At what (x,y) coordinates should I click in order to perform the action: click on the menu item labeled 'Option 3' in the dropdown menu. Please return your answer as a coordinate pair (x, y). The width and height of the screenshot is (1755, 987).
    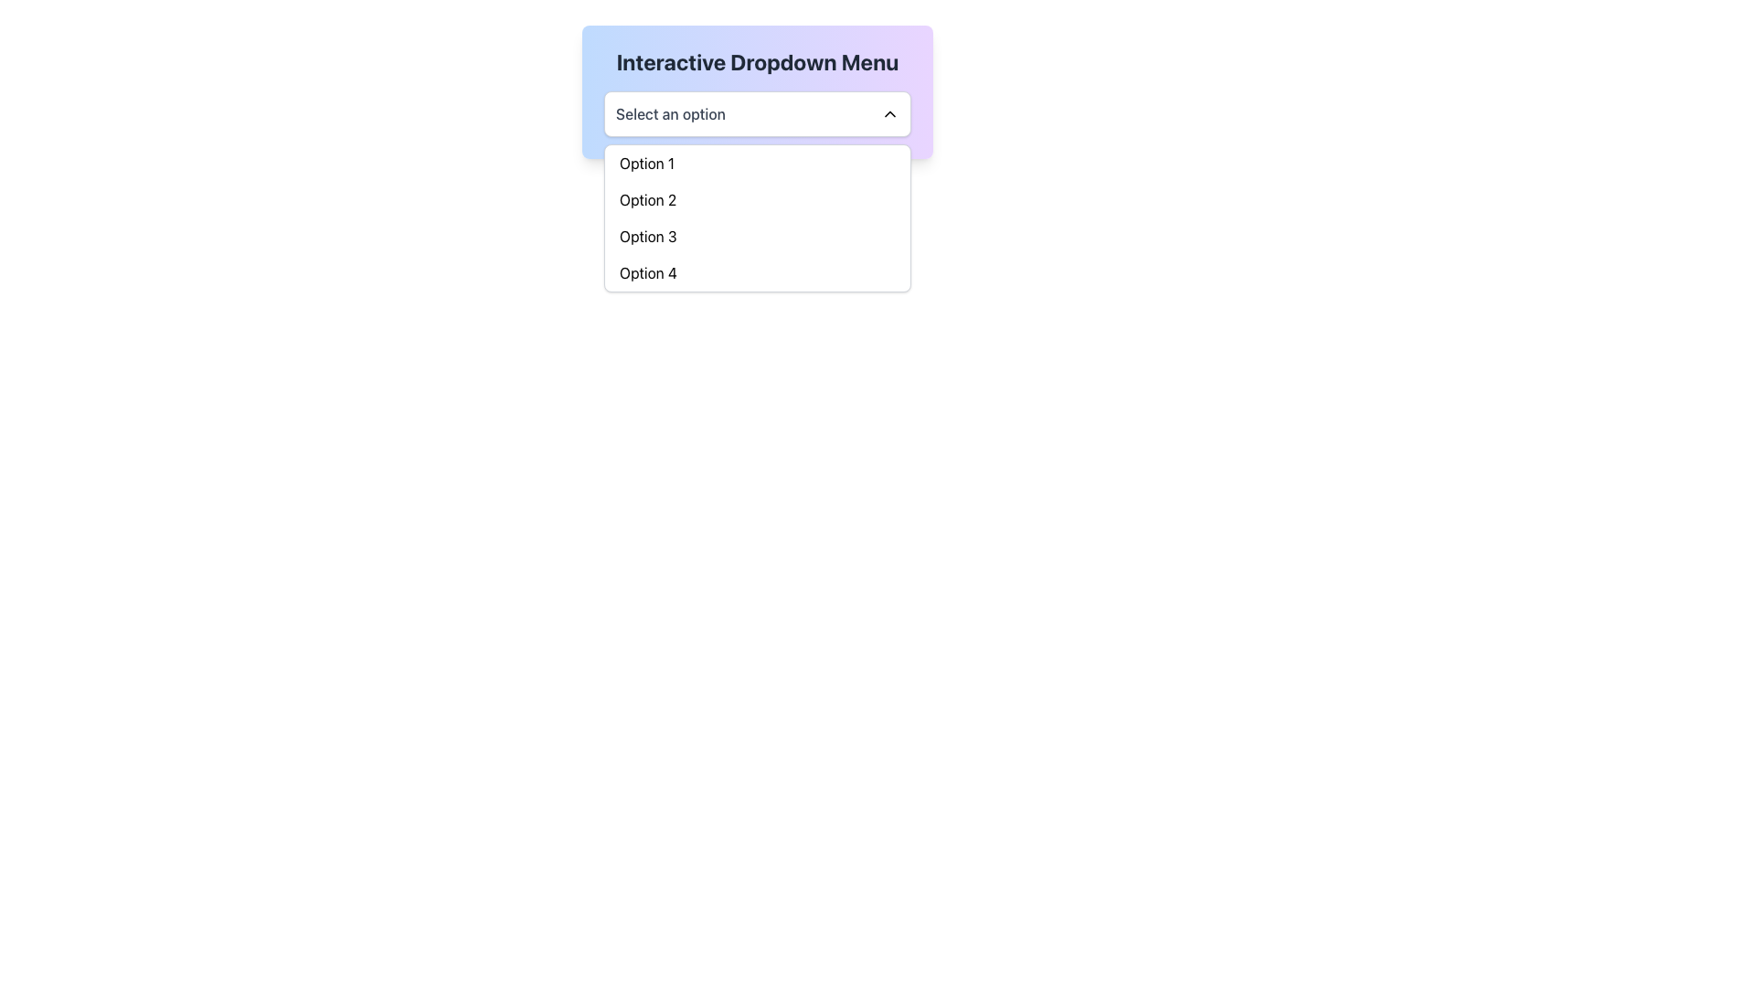
    Looking at the image, I should click on (758, 235).